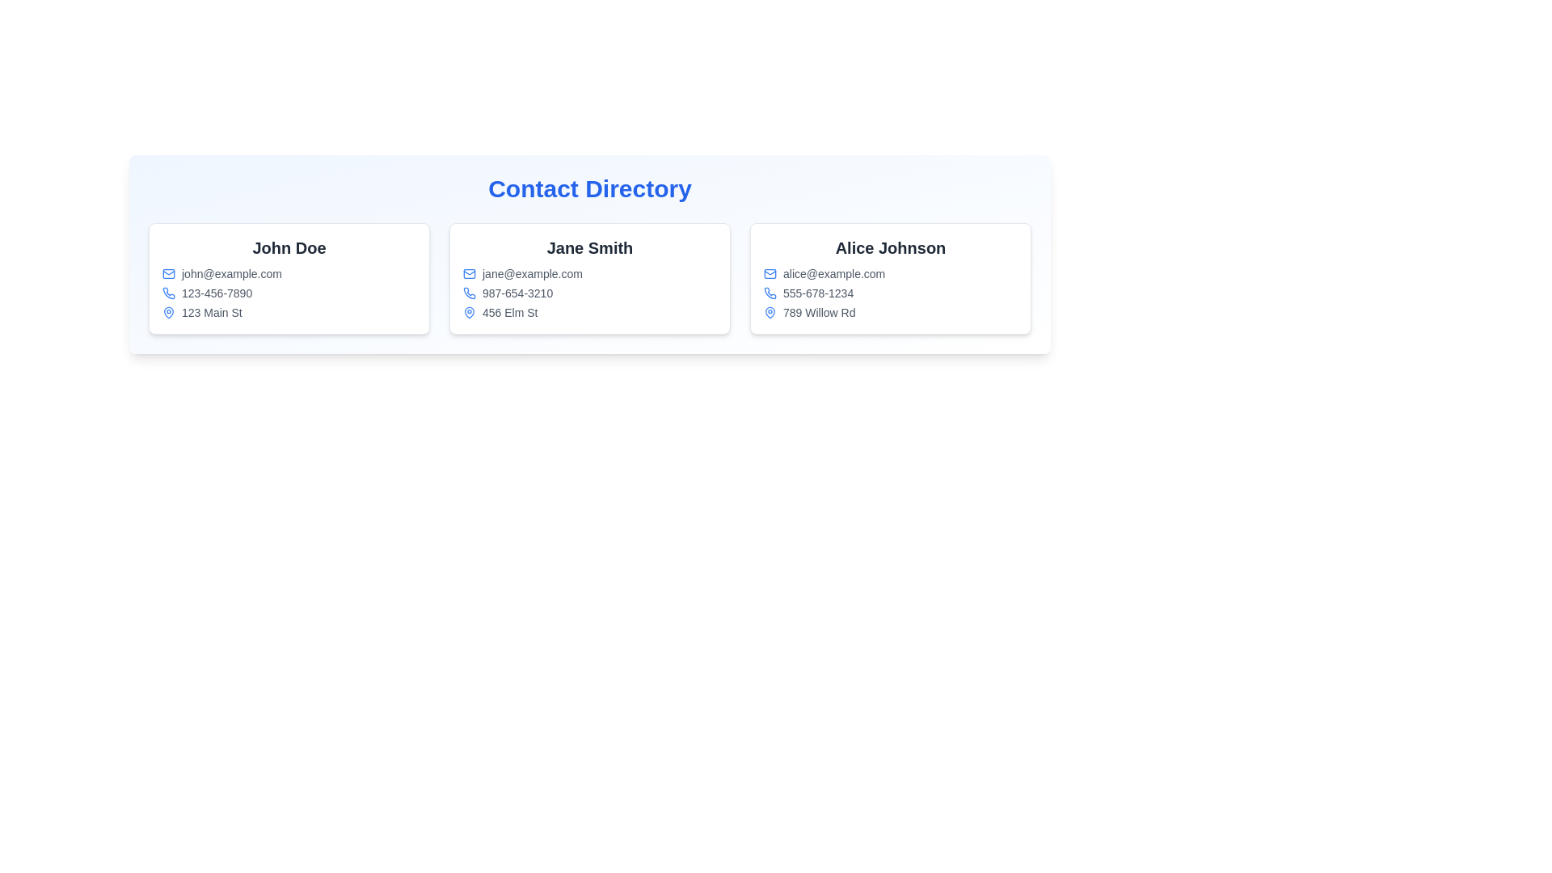 This screenshot has height=873, width=1552. I want to click on the Address information field displaying '123 Main St' below the phone number in John Doe's contact card, so click(289, 312).